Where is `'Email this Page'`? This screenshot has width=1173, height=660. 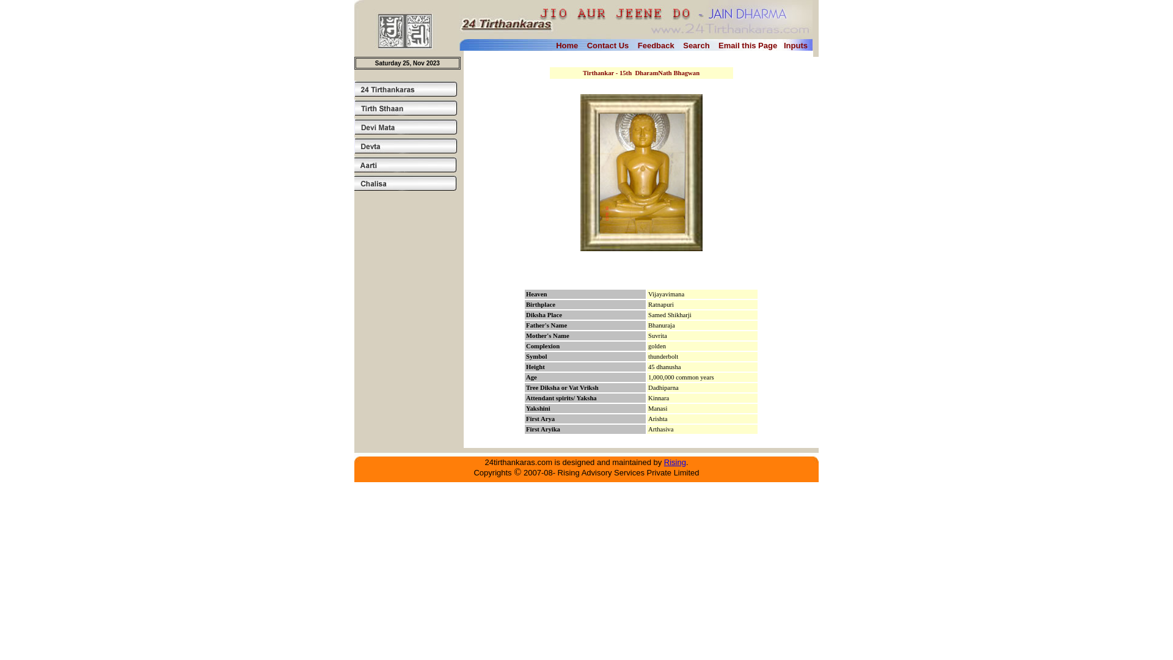
'Email this Page' is located at coordinates (747, 44).